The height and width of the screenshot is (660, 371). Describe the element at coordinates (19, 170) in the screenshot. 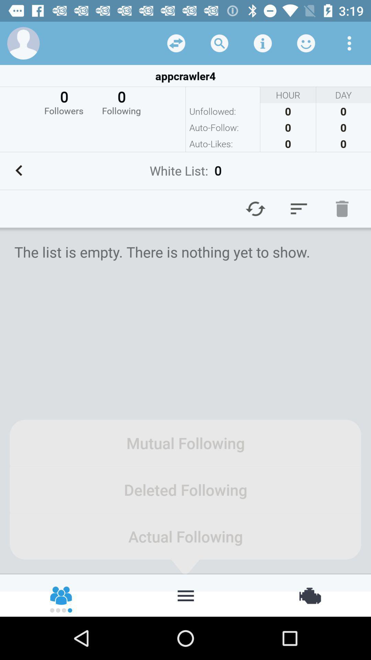

I see `previous` at that location.